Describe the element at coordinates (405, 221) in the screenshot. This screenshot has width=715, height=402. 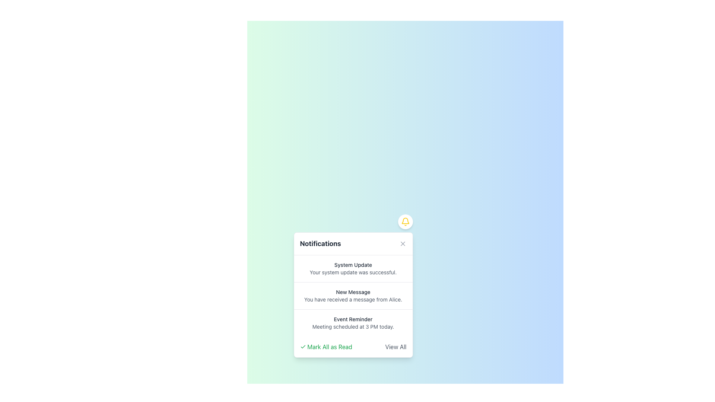
I see `the circular icon button with a yellow bell symbol` at that location.